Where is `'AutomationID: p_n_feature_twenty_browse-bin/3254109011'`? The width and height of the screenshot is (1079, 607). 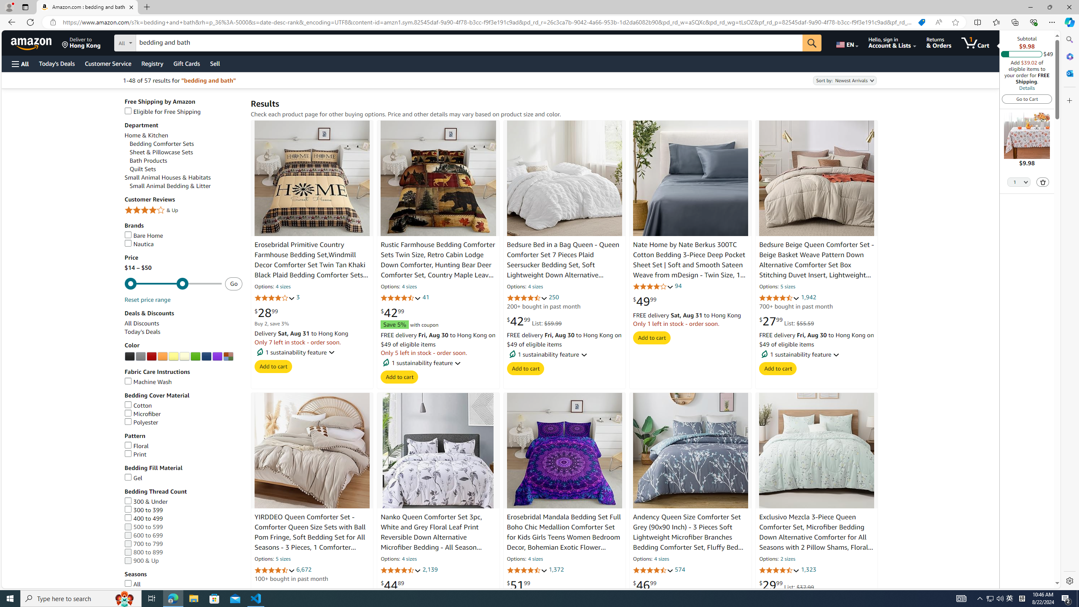 'AutomationID: p_n_feature_twenty_browse-bin/3254109011' is located at coordinates (206, 357).